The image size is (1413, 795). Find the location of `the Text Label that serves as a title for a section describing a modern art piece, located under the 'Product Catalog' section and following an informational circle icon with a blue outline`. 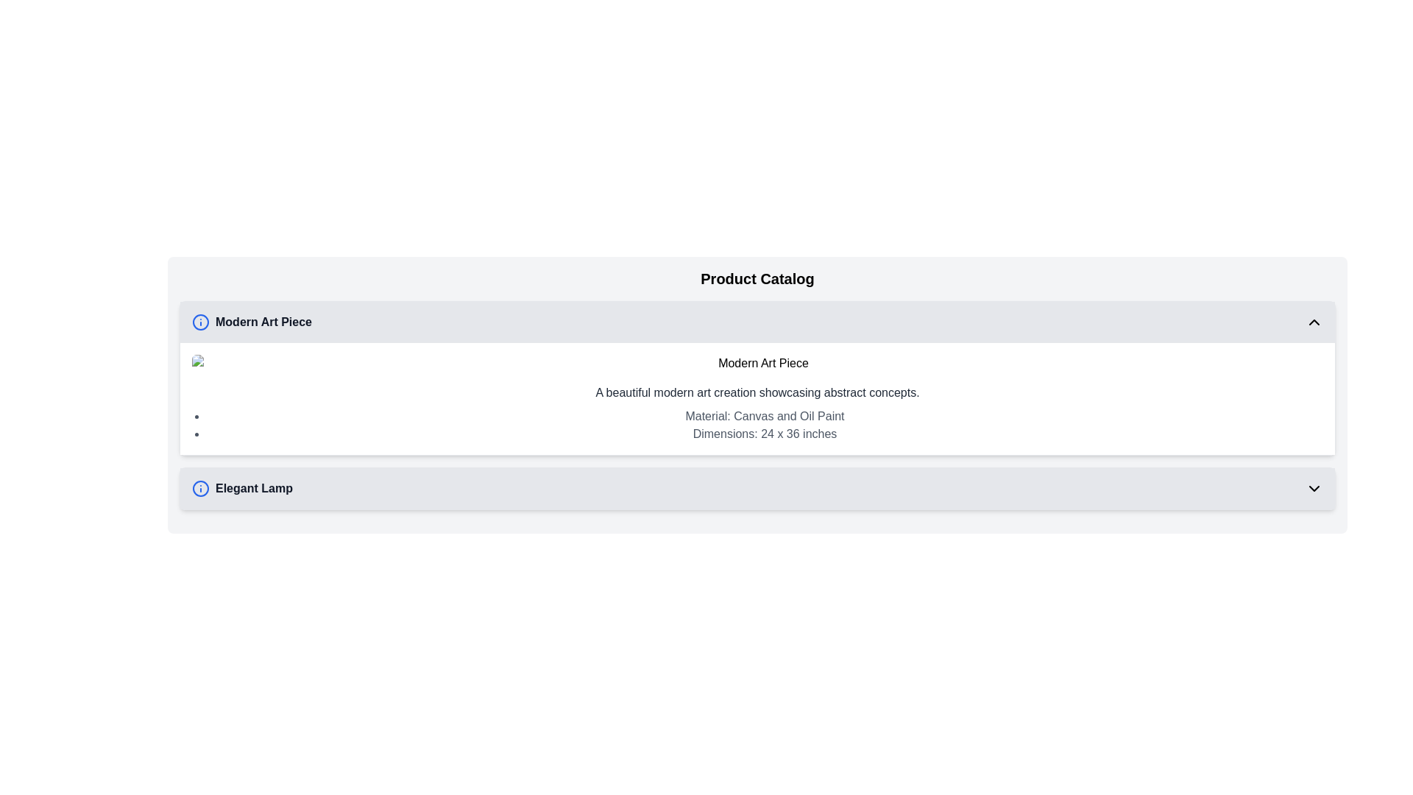

the Text Label that serves as a title for a section describing a modern art piece, located under the 'Product Catalog' section and following an informational circle icon with a blue outline is located at coordinates (263, 322).